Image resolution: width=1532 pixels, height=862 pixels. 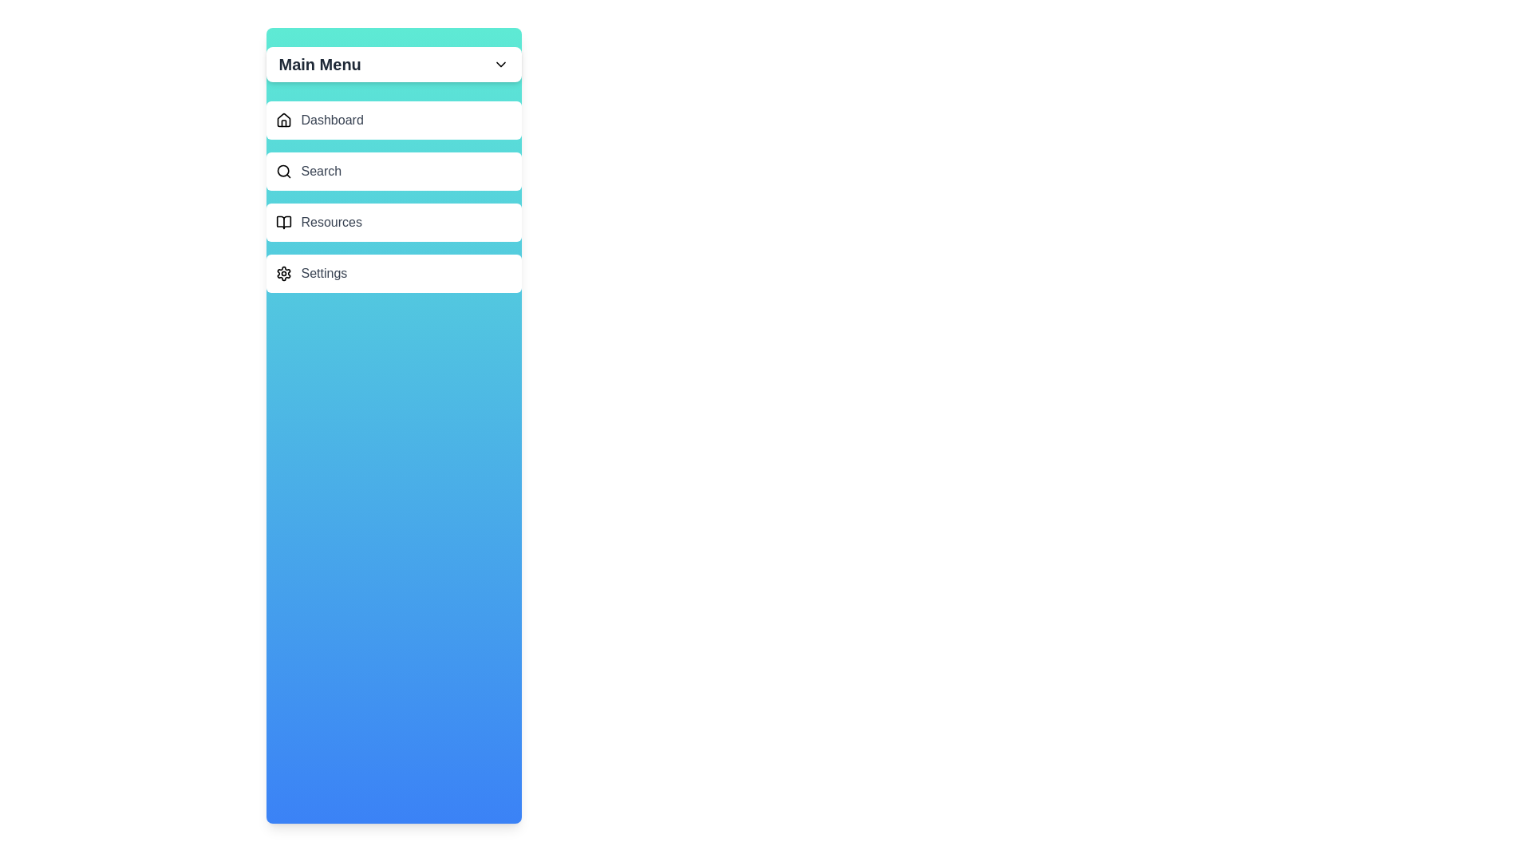 I want to click on the menu item Resources to highlight it, so click(x=393, y=222).